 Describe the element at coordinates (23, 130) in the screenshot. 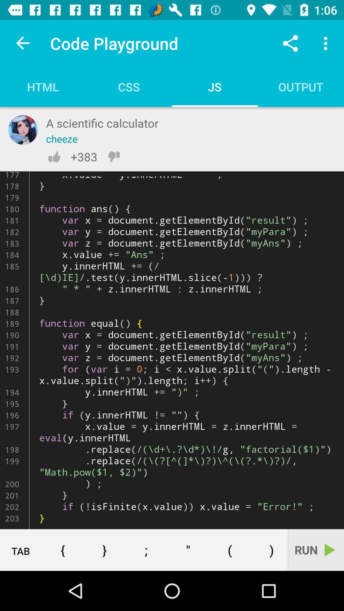

I see `icon below html item` at that location.